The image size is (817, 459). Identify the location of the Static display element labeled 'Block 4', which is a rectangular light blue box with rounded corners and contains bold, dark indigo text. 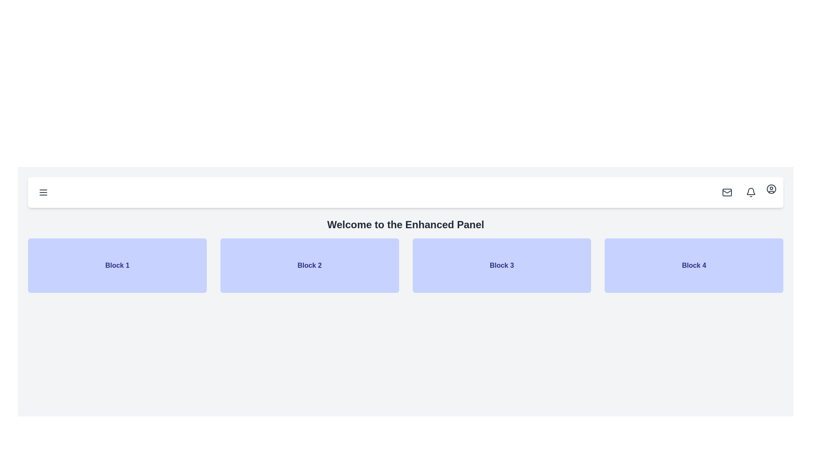
(694, 265).